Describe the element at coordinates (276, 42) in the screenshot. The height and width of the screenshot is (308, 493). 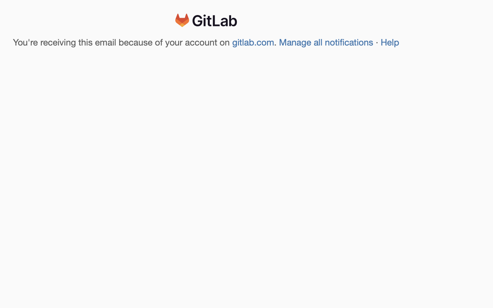
I see `'.'` at that location.